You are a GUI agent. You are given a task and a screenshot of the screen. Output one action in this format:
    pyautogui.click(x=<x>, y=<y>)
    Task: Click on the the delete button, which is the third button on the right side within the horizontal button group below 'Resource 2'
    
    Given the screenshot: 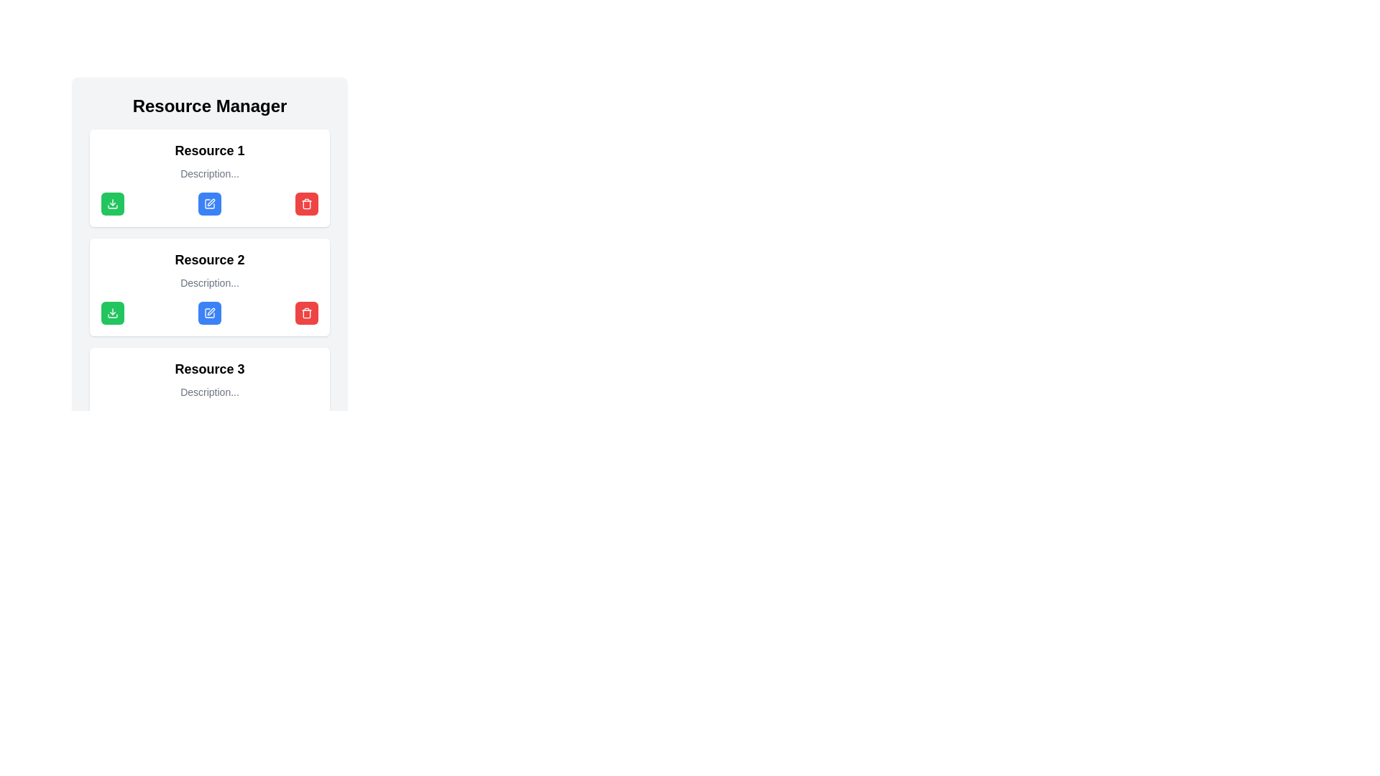 What is the action you would take?
    pyautogui.click(x=306, y=312)
    